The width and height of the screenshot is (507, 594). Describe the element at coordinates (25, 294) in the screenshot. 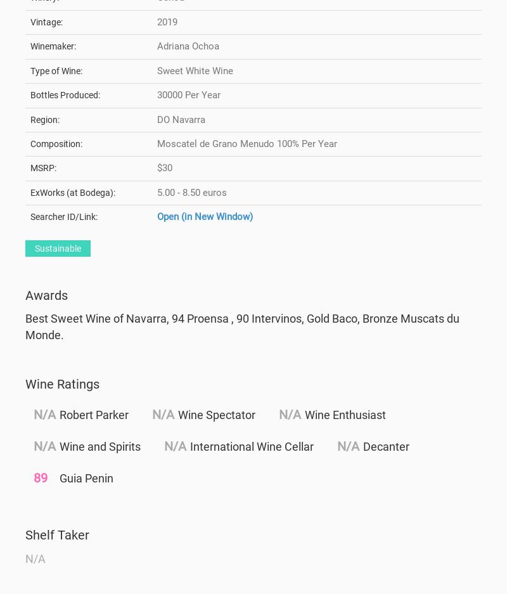

I see `'Awards'` at that location.